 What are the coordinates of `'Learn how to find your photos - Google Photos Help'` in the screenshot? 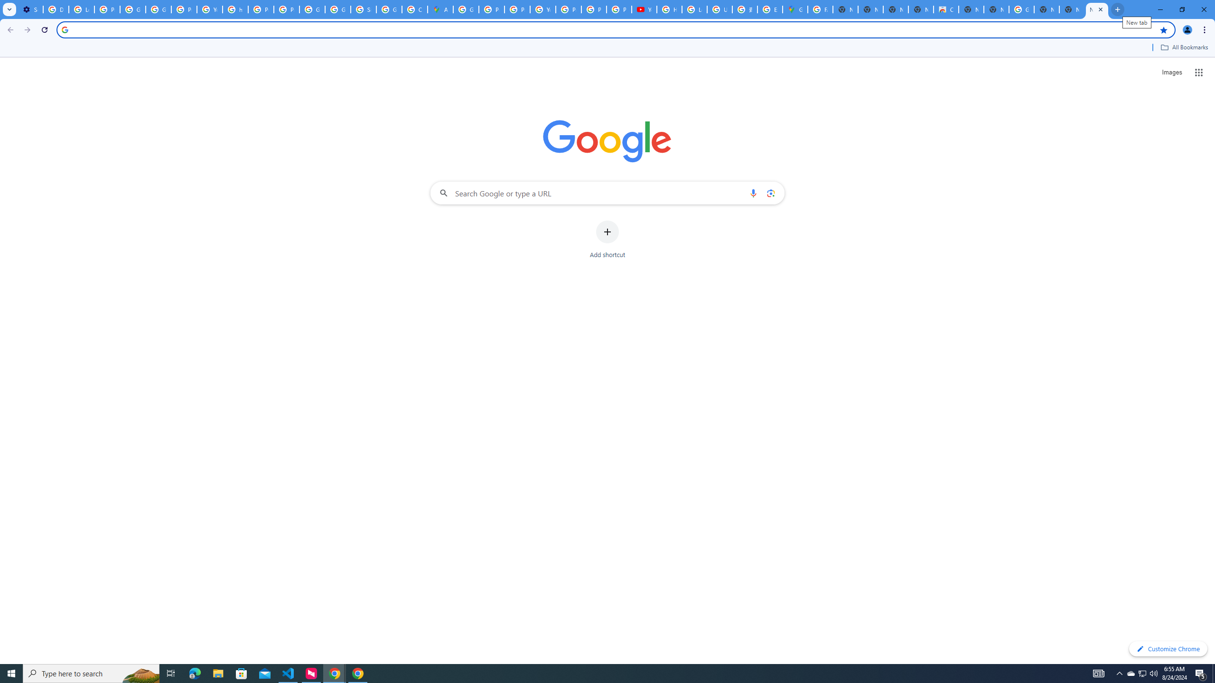 It's located at (81, 9).